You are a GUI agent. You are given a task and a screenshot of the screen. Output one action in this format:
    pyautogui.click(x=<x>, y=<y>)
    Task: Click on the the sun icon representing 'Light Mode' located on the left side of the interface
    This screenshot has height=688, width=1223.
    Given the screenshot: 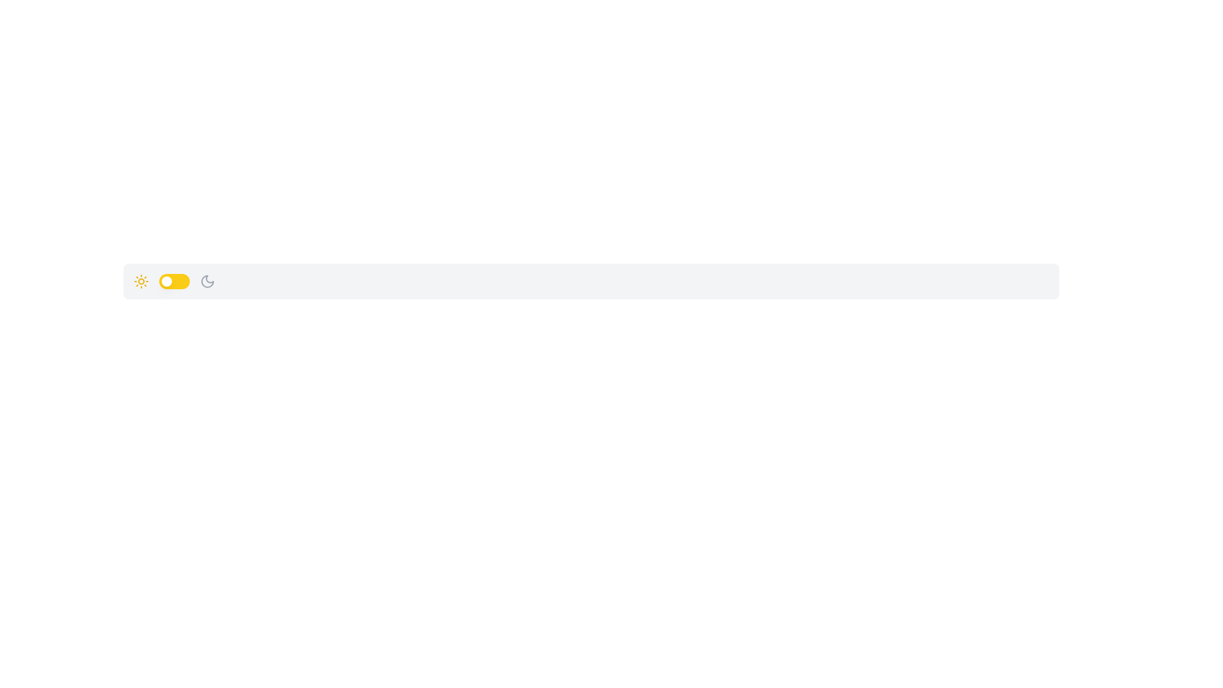 What is the action you would take?
    pyautogui.click(x=141, y=281)
    